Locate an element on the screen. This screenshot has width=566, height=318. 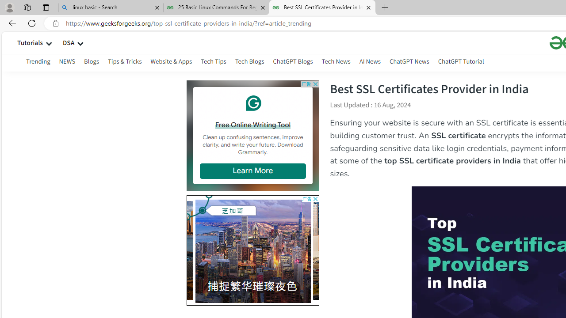
'ChatGPT Tutorial' is located at coordinates (460, 61).